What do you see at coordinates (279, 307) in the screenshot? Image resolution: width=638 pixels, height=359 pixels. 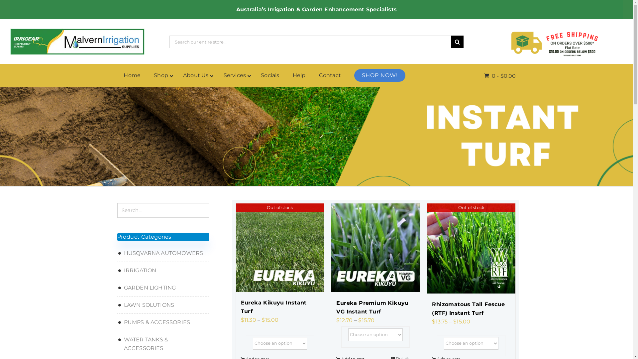 I see `'Eureka Kikuyu Instant Turf'` at bounding box center [279, 307].